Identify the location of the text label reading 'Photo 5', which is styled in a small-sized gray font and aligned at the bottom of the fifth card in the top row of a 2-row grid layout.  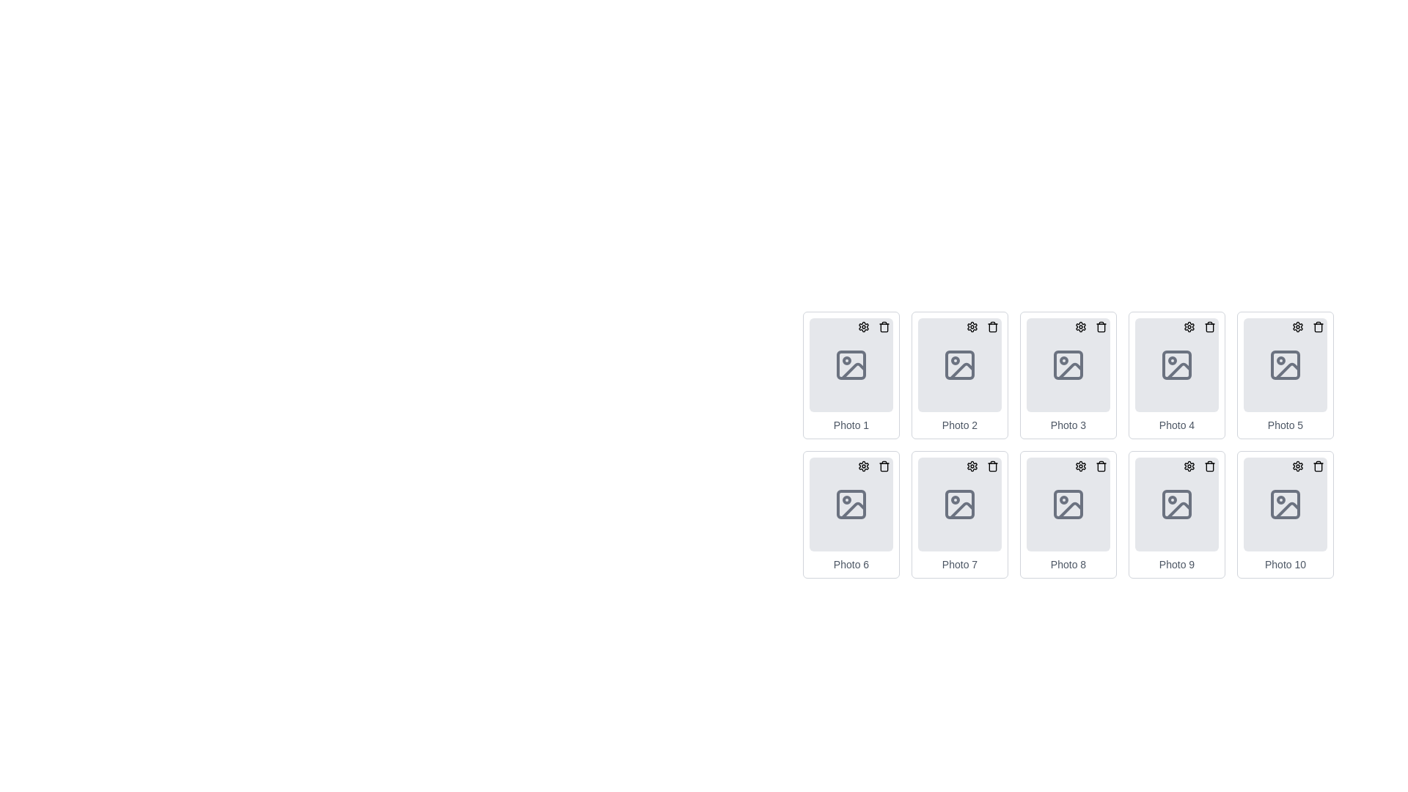
(1284, 425).